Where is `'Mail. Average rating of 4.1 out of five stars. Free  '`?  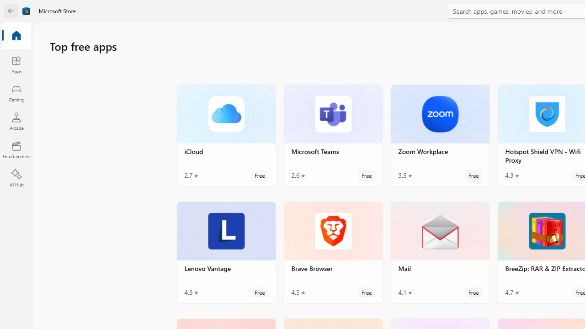 'Mail. Average rating of 4.1 out of five stars. Free  ' is located at coordinates (440, 252).